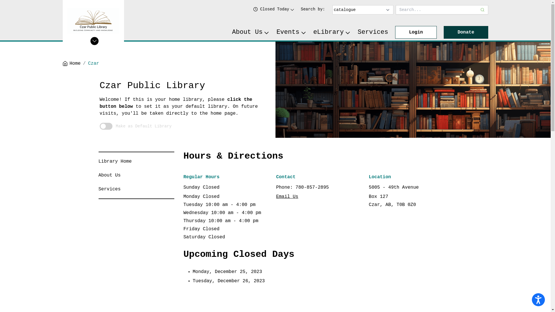  What do you see at coordinates (466, 32) in the screenshot?
I see `'Donate'` at bounding box center [466, 32].